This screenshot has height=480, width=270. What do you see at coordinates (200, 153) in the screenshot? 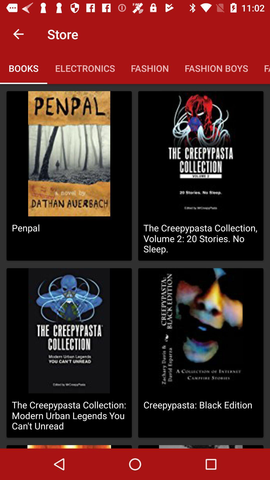
I see `the second image` at bounding box center [200, 153].